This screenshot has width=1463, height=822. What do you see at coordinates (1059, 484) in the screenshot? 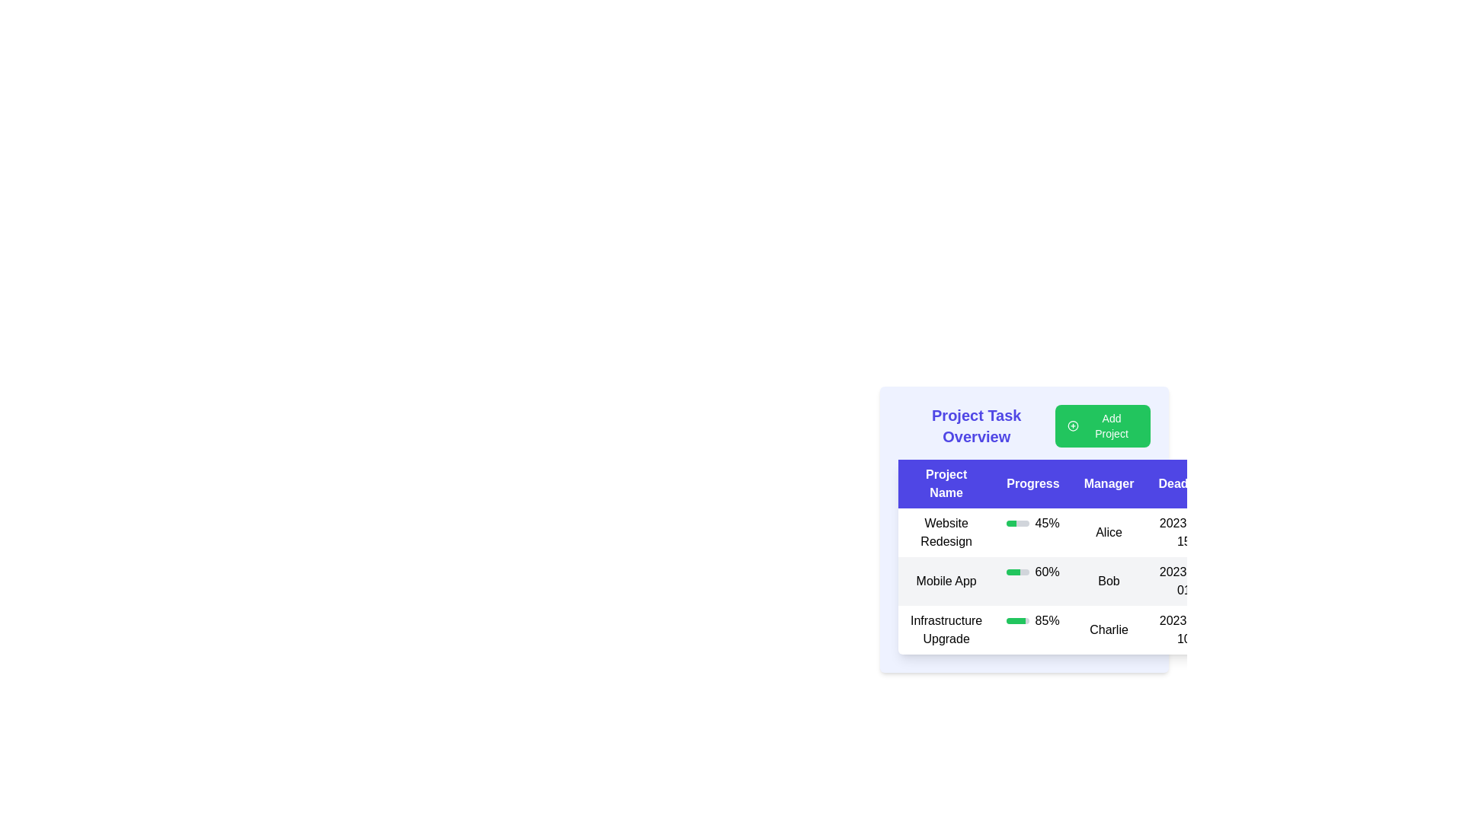
I see `styling of the second header in the table that showcases progress metrics or statuses, located between 'Project Name' and 'Manager'` at bounding box center [1059, 484].